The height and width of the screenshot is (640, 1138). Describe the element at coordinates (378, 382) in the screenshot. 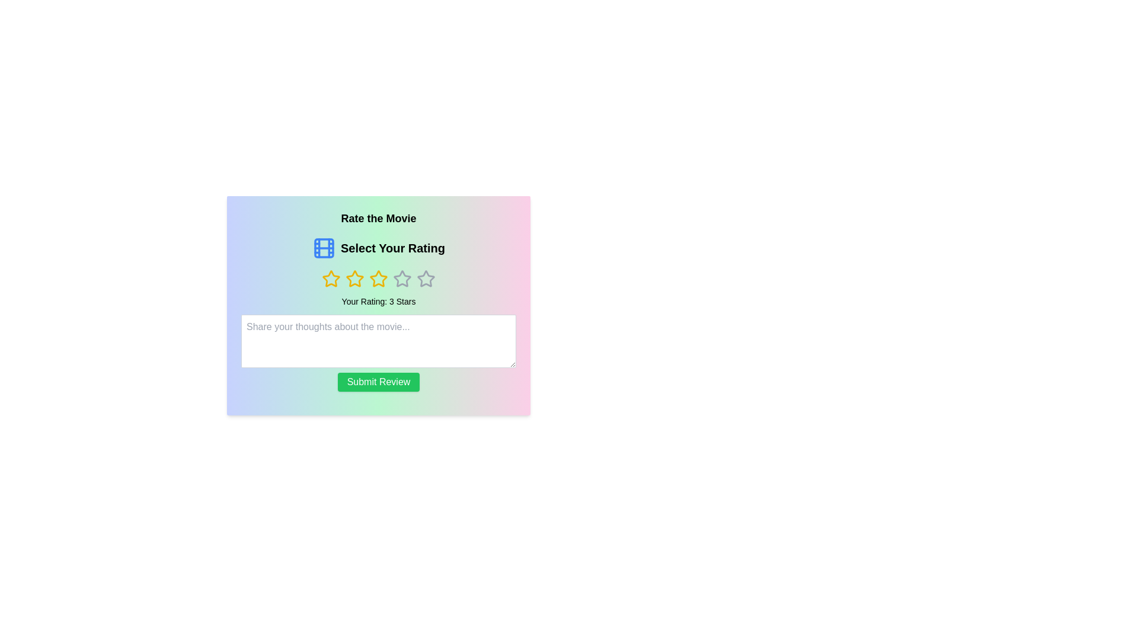

I see `the 'Submit Review' button, which is a rectangular button with a green background and white text` at that location.